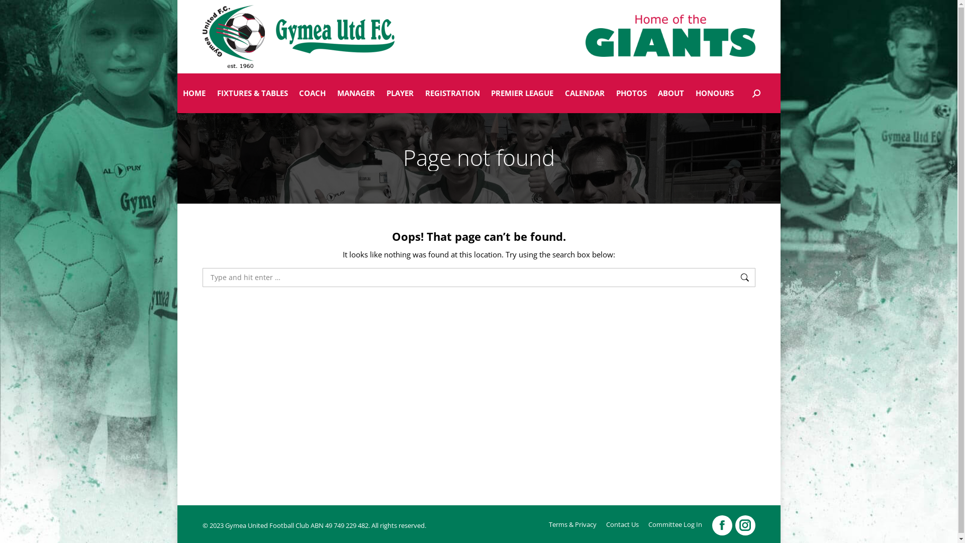 The height and width of the screenshot is (543, 965). What do you see at coordinates (714, 93) in the screenshot?
I see `'HONOURS'` at bounding box center [714, 93].